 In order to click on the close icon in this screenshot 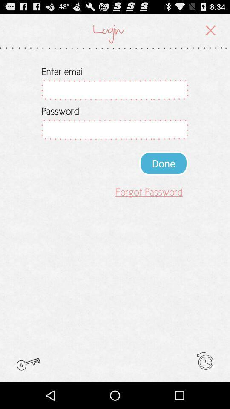, I will do `click(210, 32)`.